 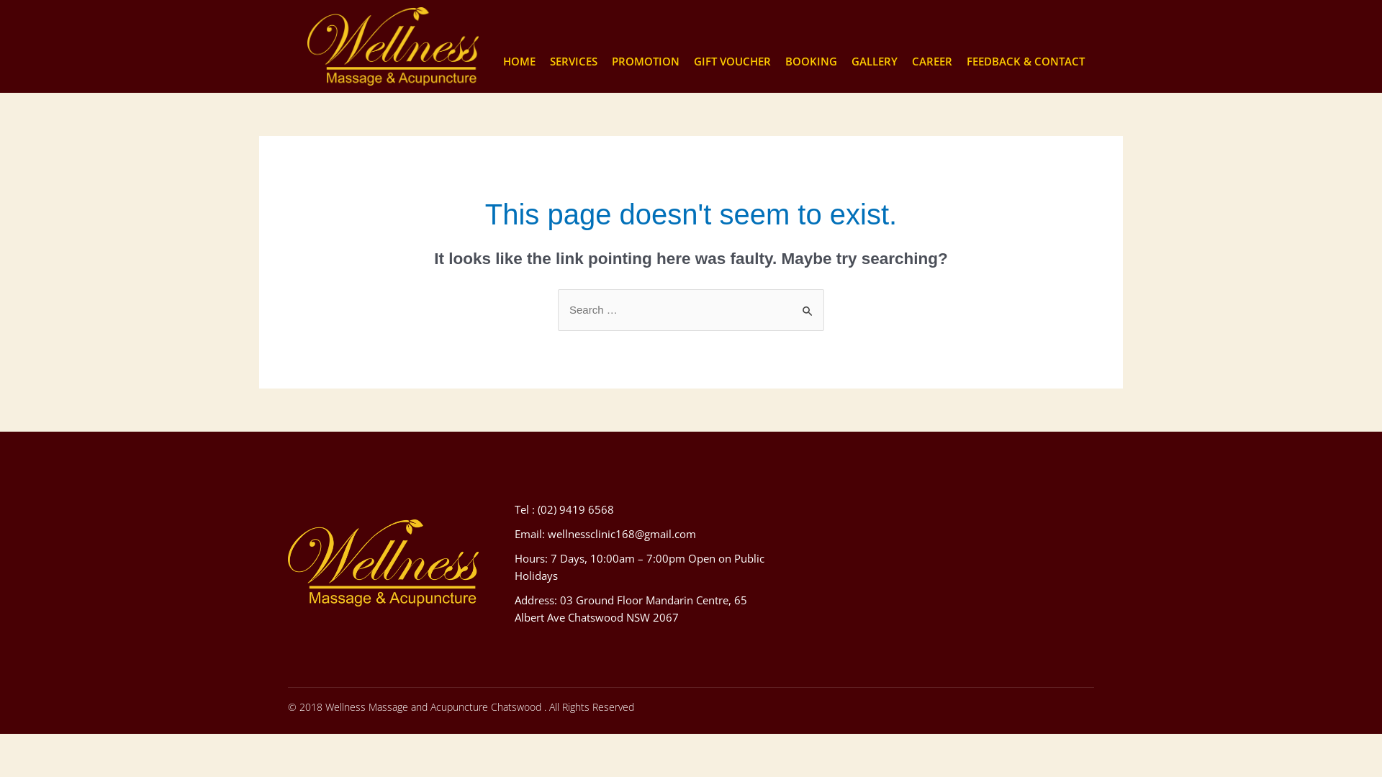 What do you see at coordinates (518, 60) in the screenshot?
I see `'HOME'` at bounding box center [518, 60].